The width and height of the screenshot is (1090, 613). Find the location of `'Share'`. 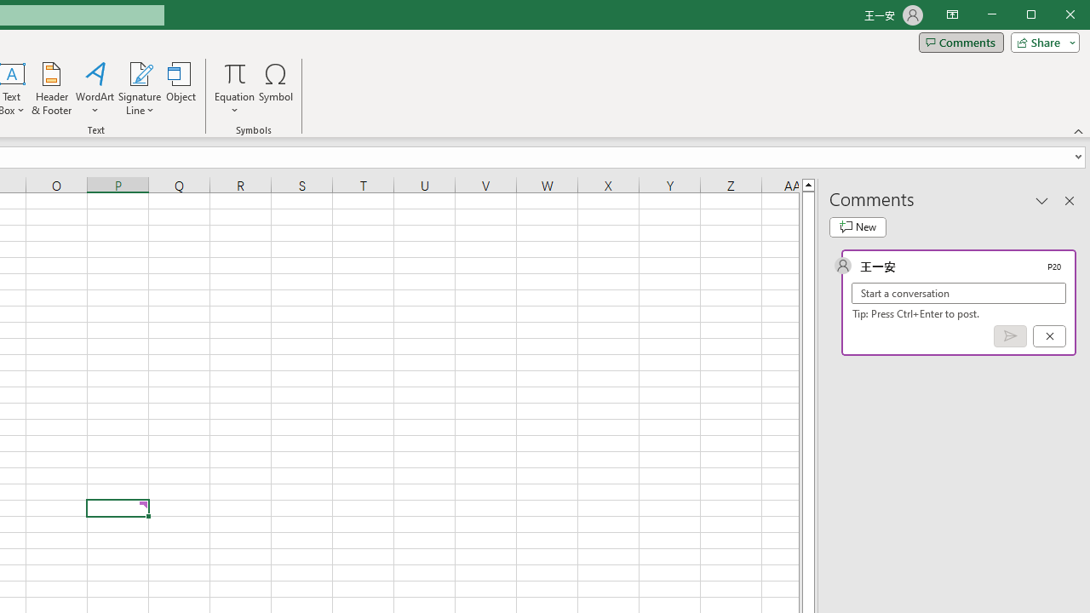

'Share' is located at coordinates (1041, 42).